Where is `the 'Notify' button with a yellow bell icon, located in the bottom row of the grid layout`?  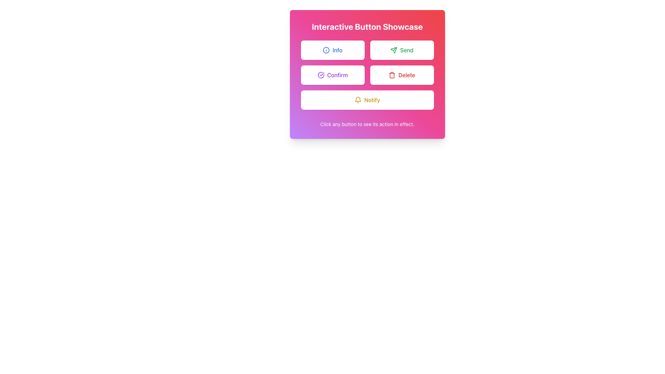
the 'Notify' button with a yellow bell icon, located in the bottom row of the grid layout is located at coordinates (367, 100).